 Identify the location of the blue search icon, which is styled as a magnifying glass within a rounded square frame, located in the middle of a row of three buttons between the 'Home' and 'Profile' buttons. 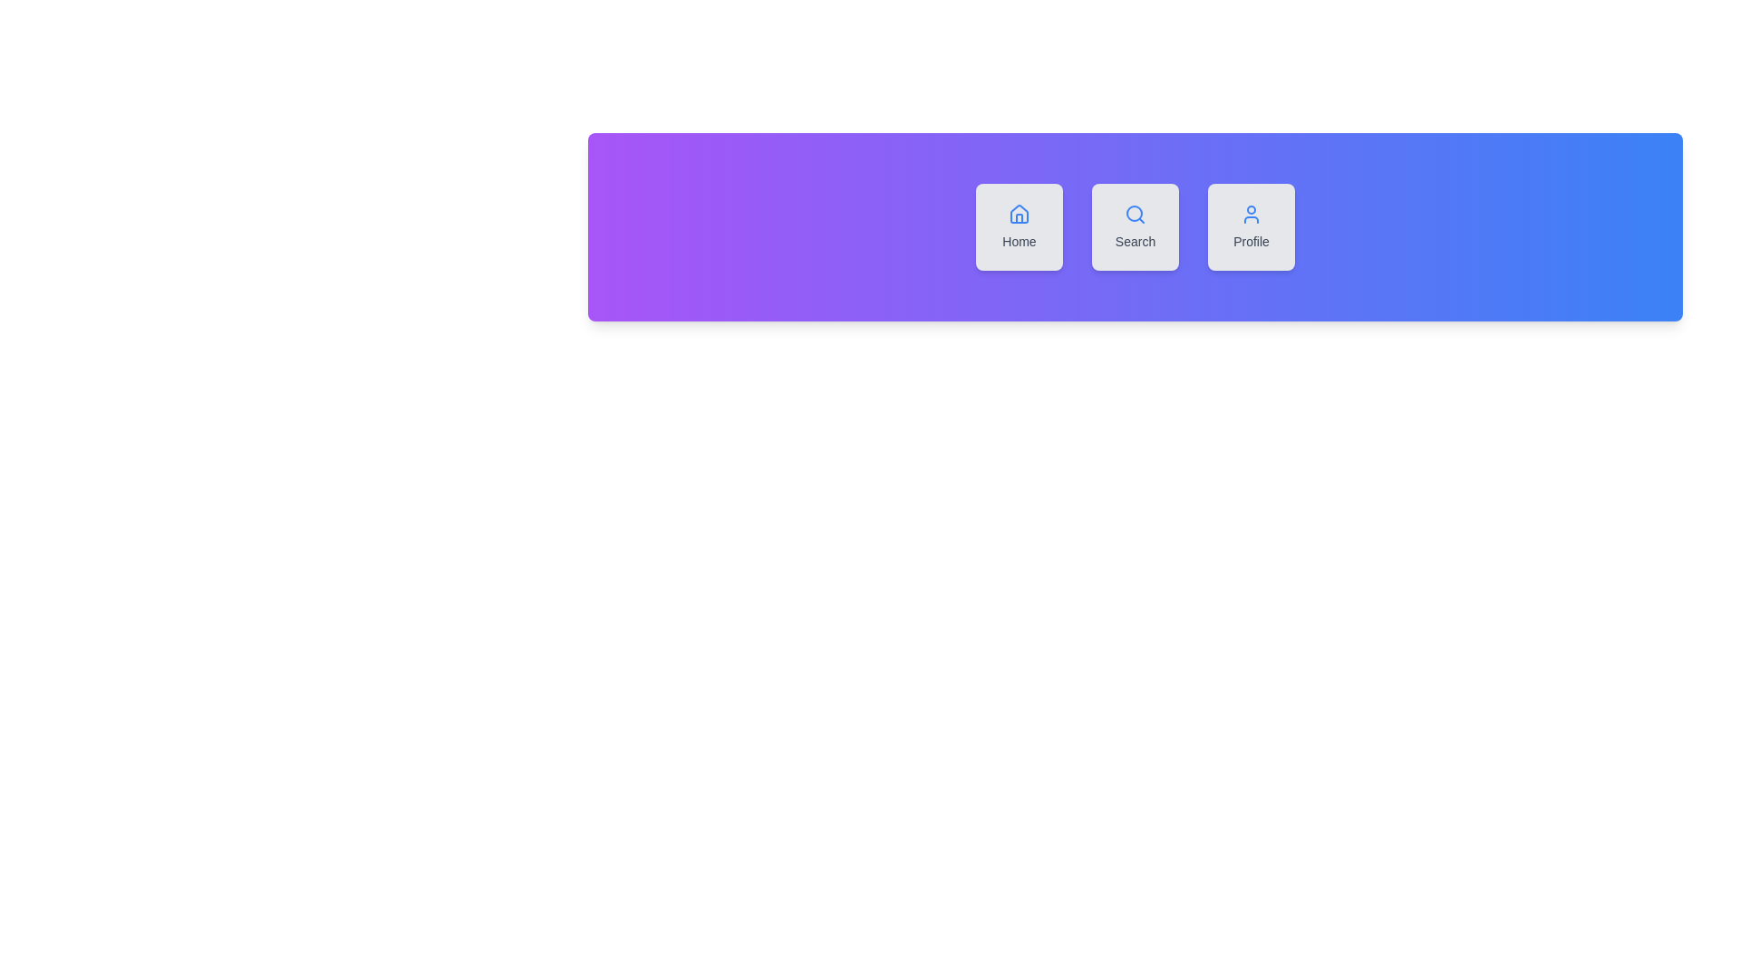
(1134, 213).